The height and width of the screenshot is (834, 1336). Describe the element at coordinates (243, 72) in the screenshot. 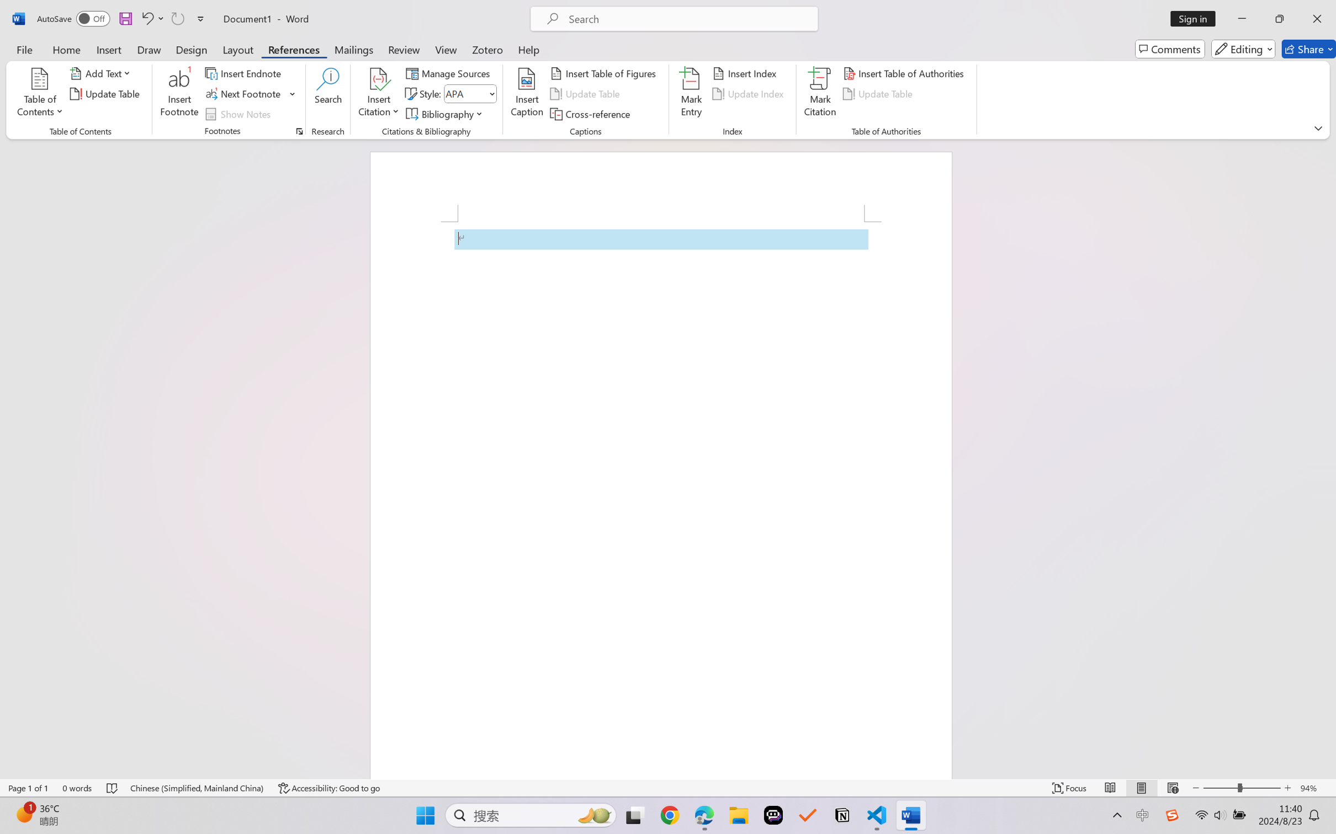

I see `'Insert Endnote'` at that location.